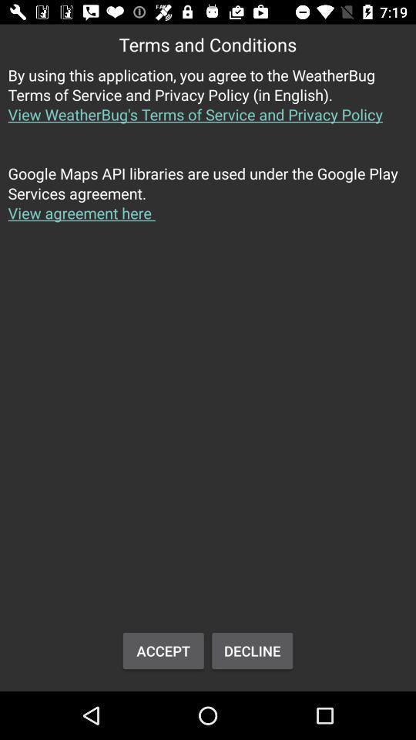 The width and height of the screenshot is (416, 740). Describe the element at coordinates (252, 650) in the screenshot. I see `item below google maps api icon` at that location.